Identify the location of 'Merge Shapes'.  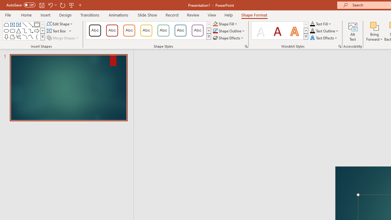
(63, 38).